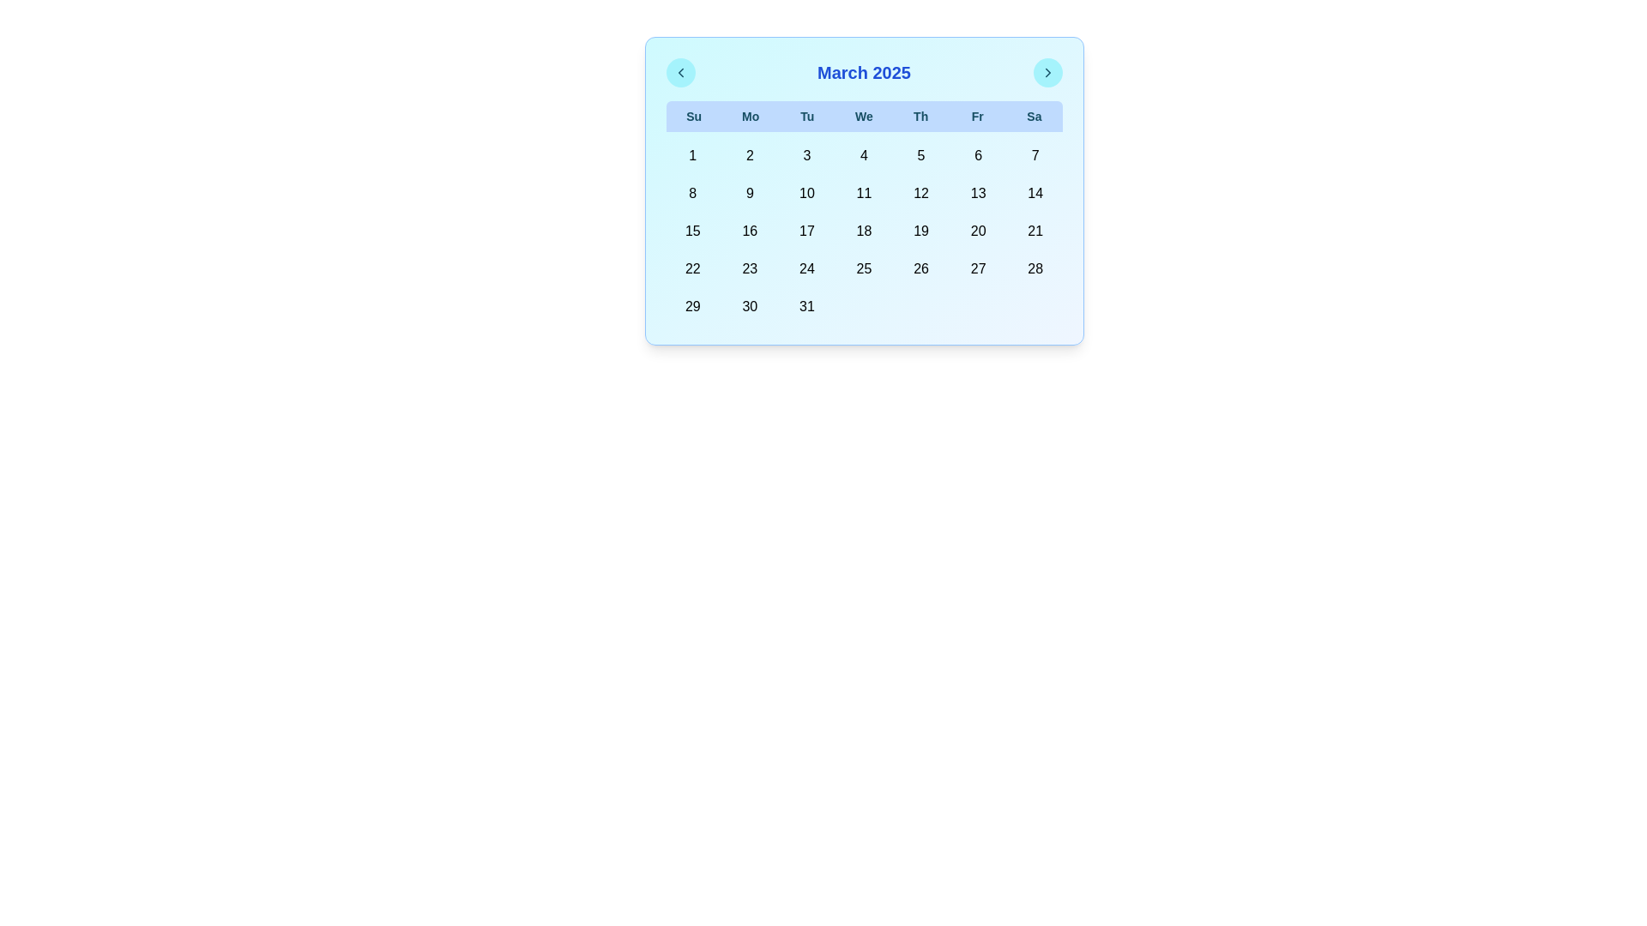  I want to click on the Text label for Thursday, which is the fifth cell in a grid of seven days of the week, located beneath the header 'March 2025', situated between 'We' and 'Fr', so click(920, 116).